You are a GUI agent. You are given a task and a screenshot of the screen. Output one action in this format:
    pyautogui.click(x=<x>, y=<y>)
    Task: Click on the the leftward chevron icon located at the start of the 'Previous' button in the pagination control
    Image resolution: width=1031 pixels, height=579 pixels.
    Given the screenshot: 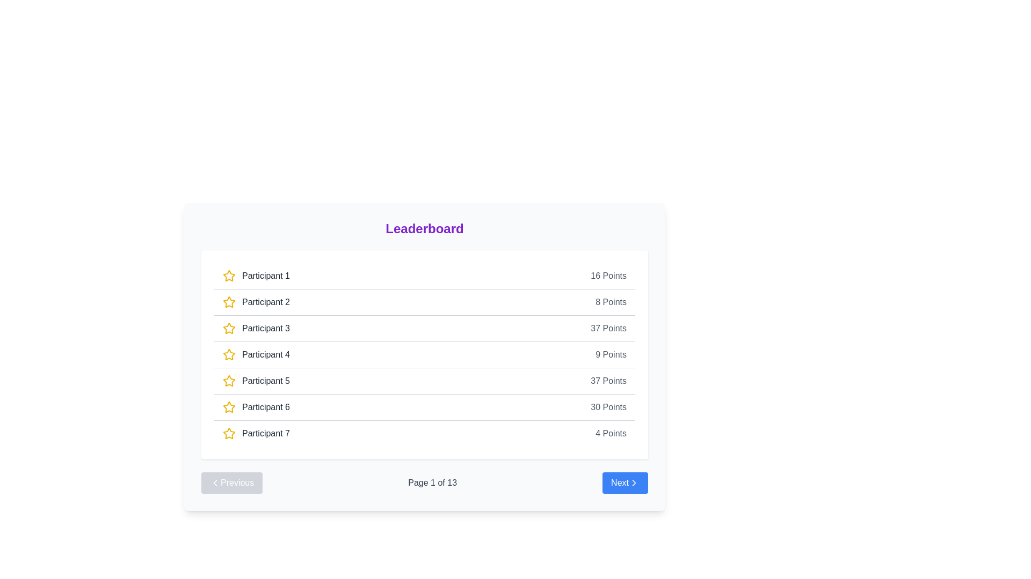 What is the action you would take?
    pyautogui.click(x=215, y=483)
    